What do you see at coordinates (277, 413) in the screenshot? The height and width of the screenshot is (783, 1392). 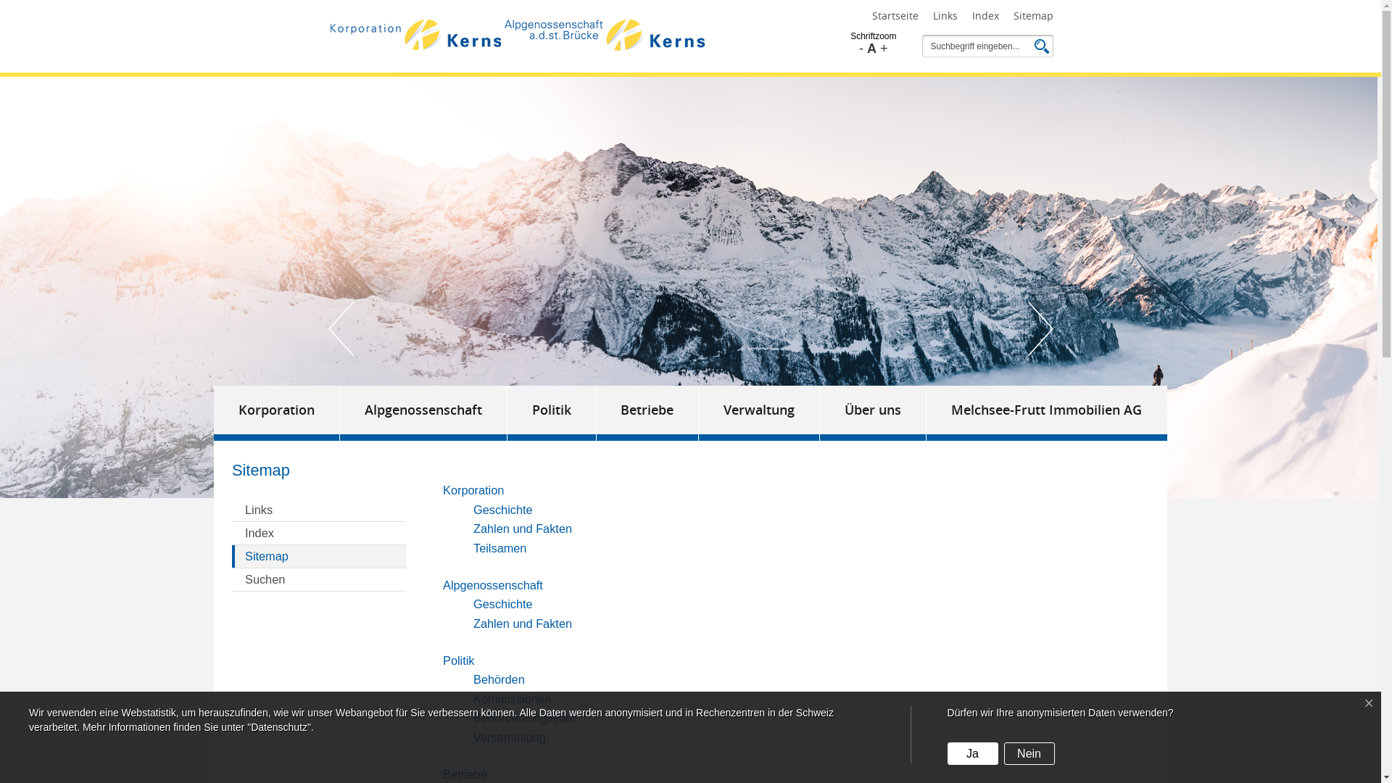 I see `'Korporation'` at bounding box center [277, 413].